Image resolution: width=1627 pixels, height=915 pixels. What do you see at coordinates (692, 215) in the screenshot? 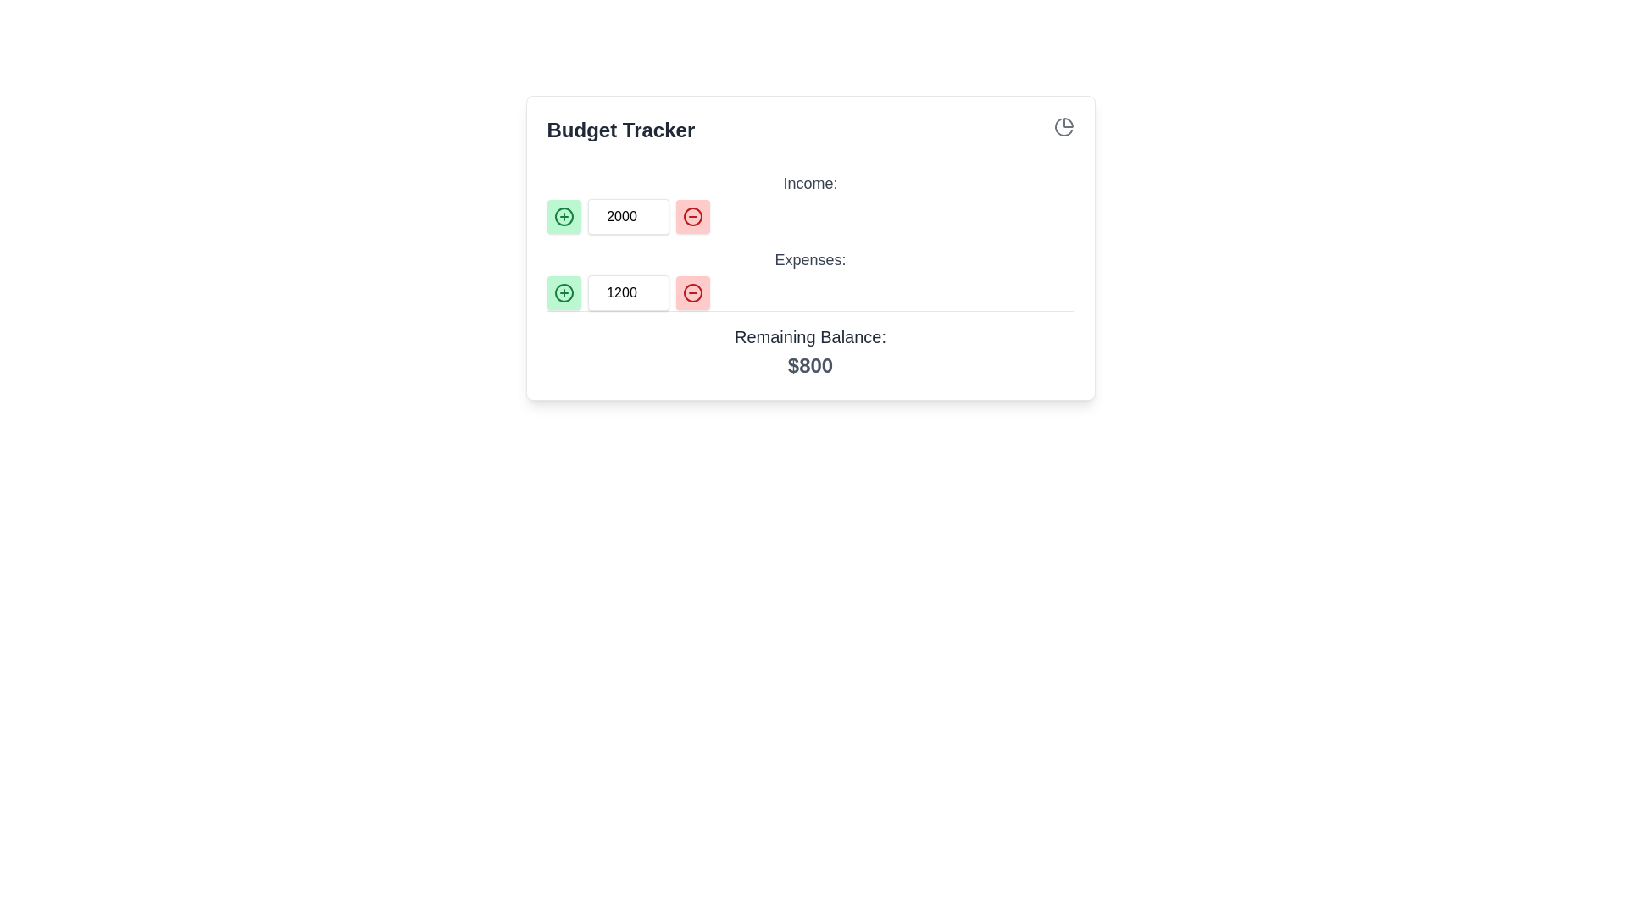
I see `the subtraction button located immediately to the right of the numeric input box displaying '2000', which is the second control under the 'Income:' section, to activate its hover effects` at bounding box center [692, 215].